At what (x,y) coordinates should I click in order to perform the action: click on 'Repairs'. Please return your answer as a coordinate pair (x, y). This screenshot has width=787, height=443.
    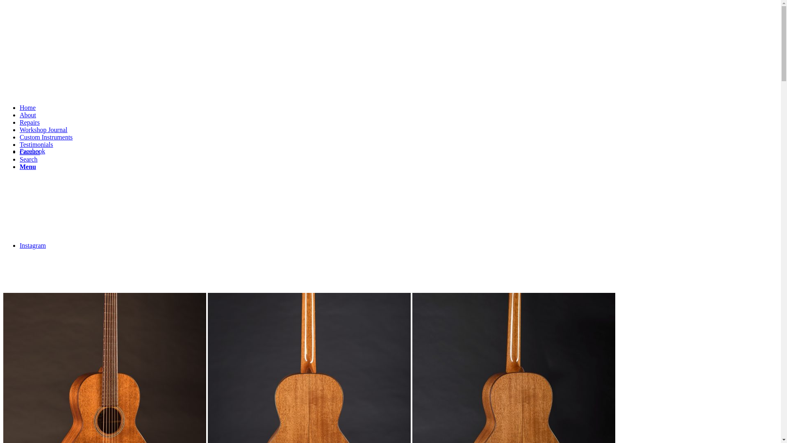
    Looking at the image, I should click on (20, 122).